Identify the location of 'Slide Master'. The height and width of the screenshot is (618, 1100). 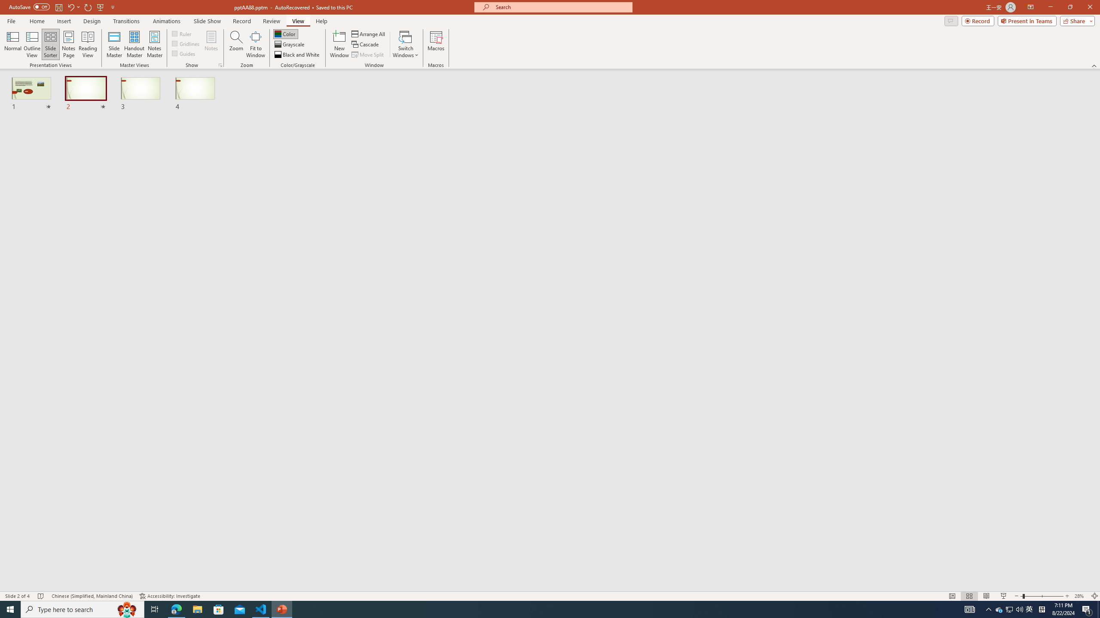
(114, 44).